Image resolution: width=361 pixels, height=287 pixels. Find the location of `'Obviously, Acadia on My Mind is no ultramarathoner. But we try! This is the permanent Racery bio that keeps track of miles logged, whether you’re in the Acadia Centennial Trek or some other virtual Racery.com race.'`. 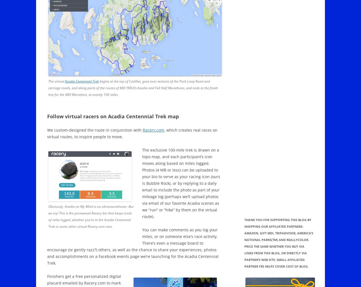

'Obviously, Acadia on My Mind is no ultramarathoner. But we try! This is the permanent Racery bio that keeps track of miles logged, whether you’re in the Acadia Centennial Trek or some other virtual Racery.com race.' is located at coordinates (91, 216).